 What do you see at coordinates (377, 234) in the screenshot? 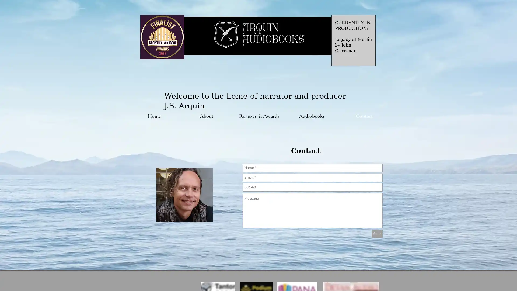
I see `Send` at bounding box center [377, 234].